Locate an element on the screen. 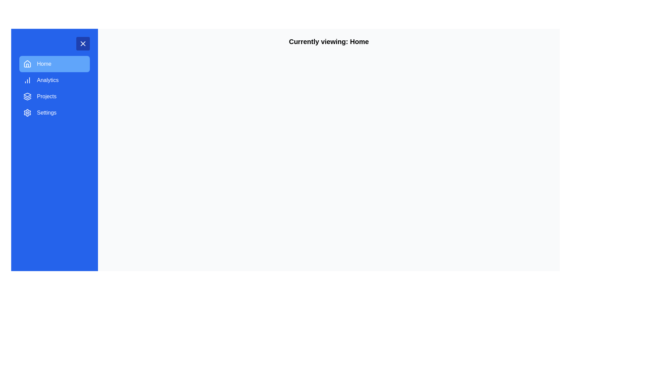 This screenshot has height=366, width=651. the navigational button in the blue sidebar, located below the 'Home' option and above 'Projects' is located at coordinates (55, 80).